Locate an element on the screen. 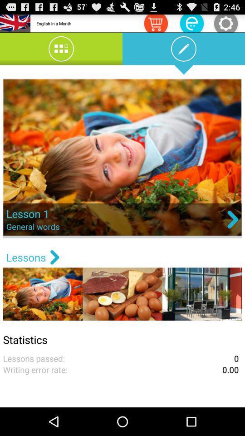  your shopping cart is located at coordinates (155, 23).